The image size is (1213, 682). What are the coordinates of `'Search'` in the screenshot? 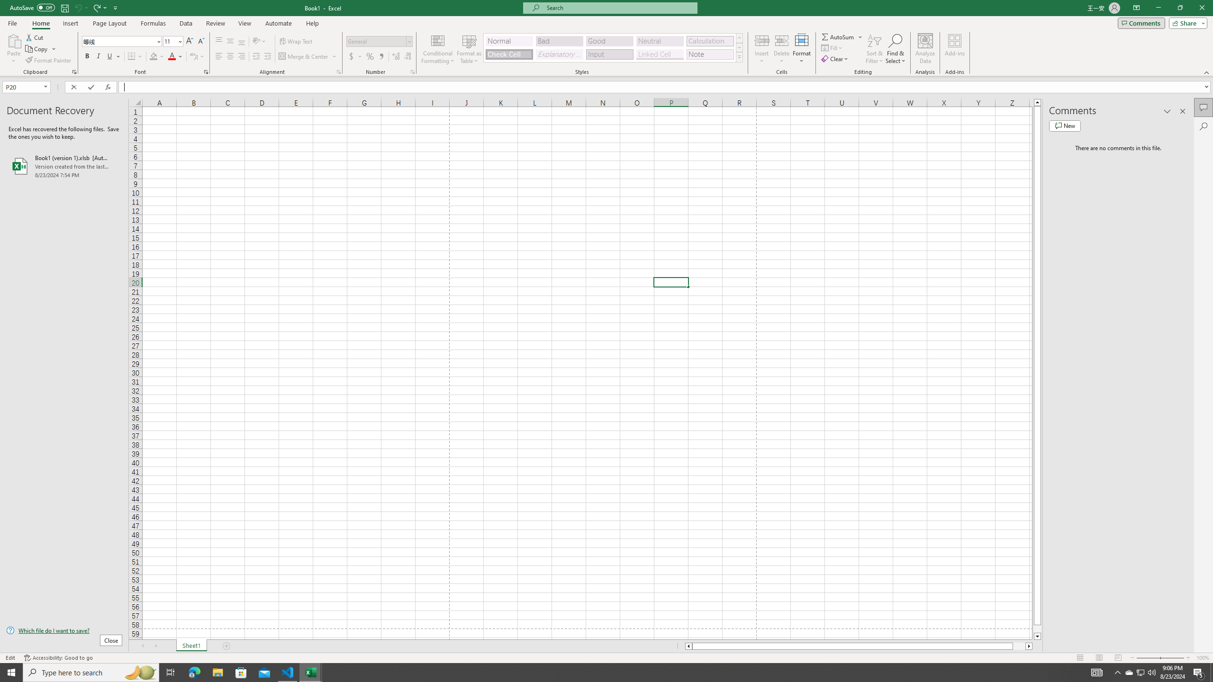 It's located at (1203, 126).